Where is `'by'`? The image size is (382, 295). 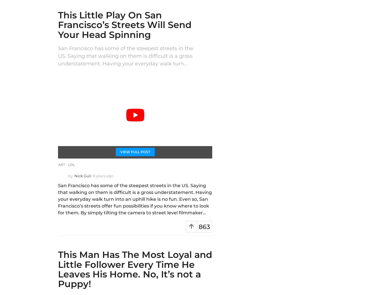 'by' is located at coordinates (70, 176).